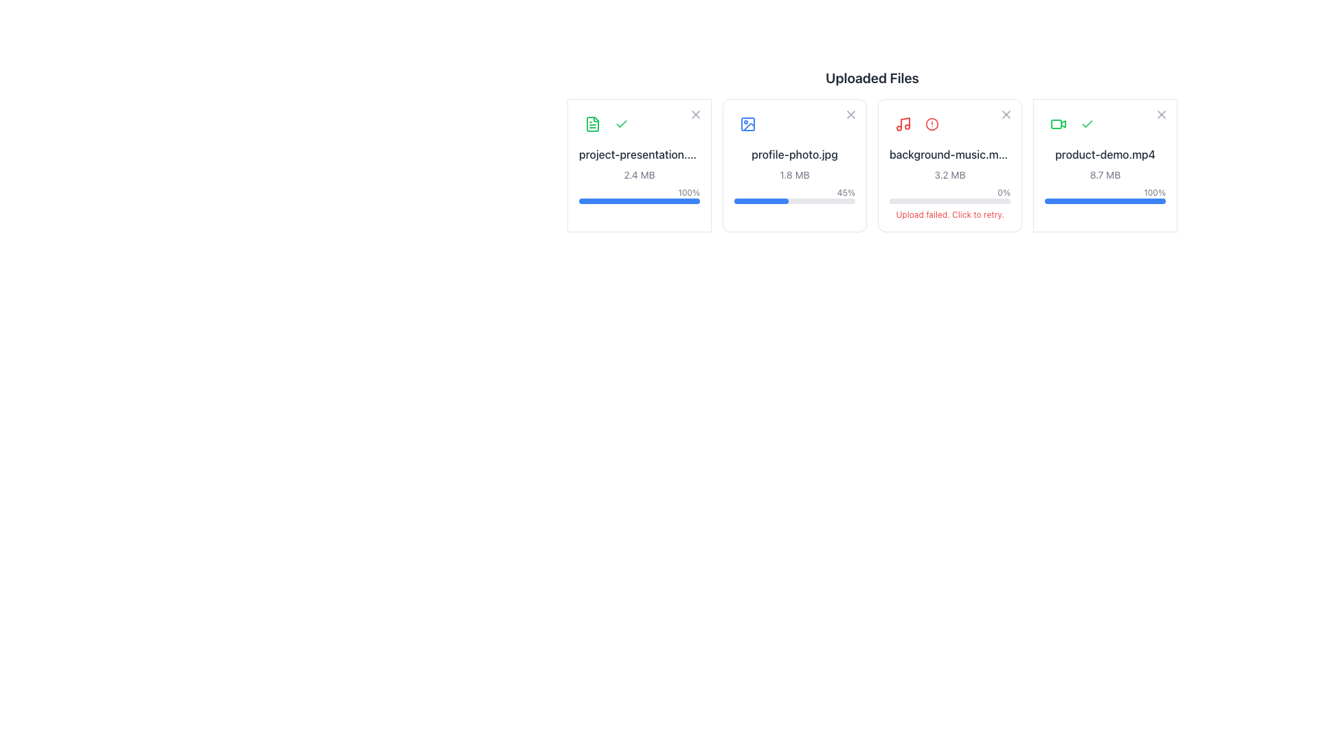 This screenshot has height=742, width=1319. I want to click on the percentage displayed on the progress bar for the 'background-music.mp3' upload task, currently at 0%, so click(949, 196).